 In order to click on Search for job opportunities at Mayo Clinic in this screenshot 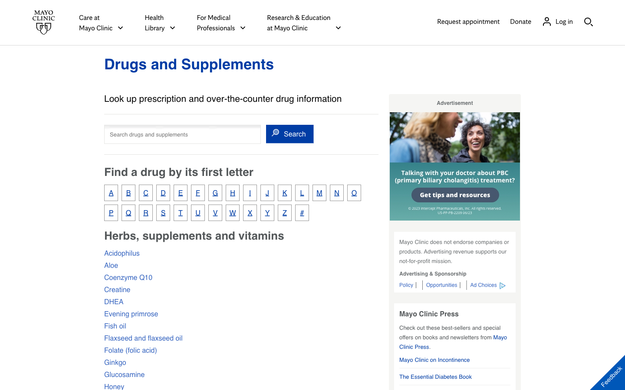, I will do `click(442, 285)`.